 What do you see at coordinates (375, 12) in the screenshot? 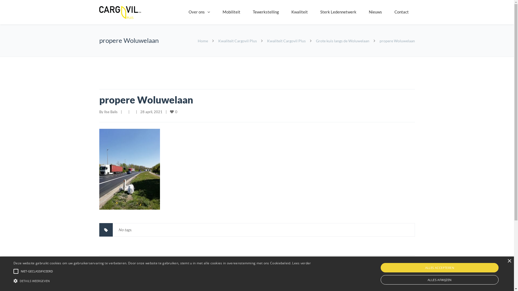
I see `'Nieuws'` at bounding box center [375, 12].